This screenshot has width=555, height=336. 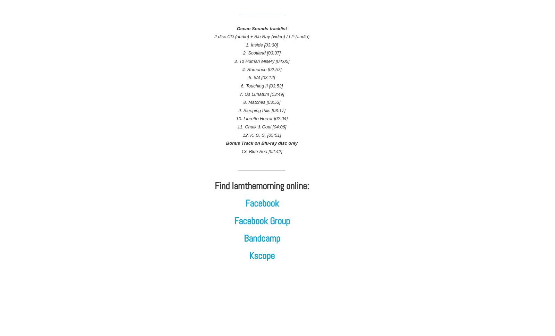 I want to click on '7. Os Lunatum [03:49]', so click(x=239, y=94).